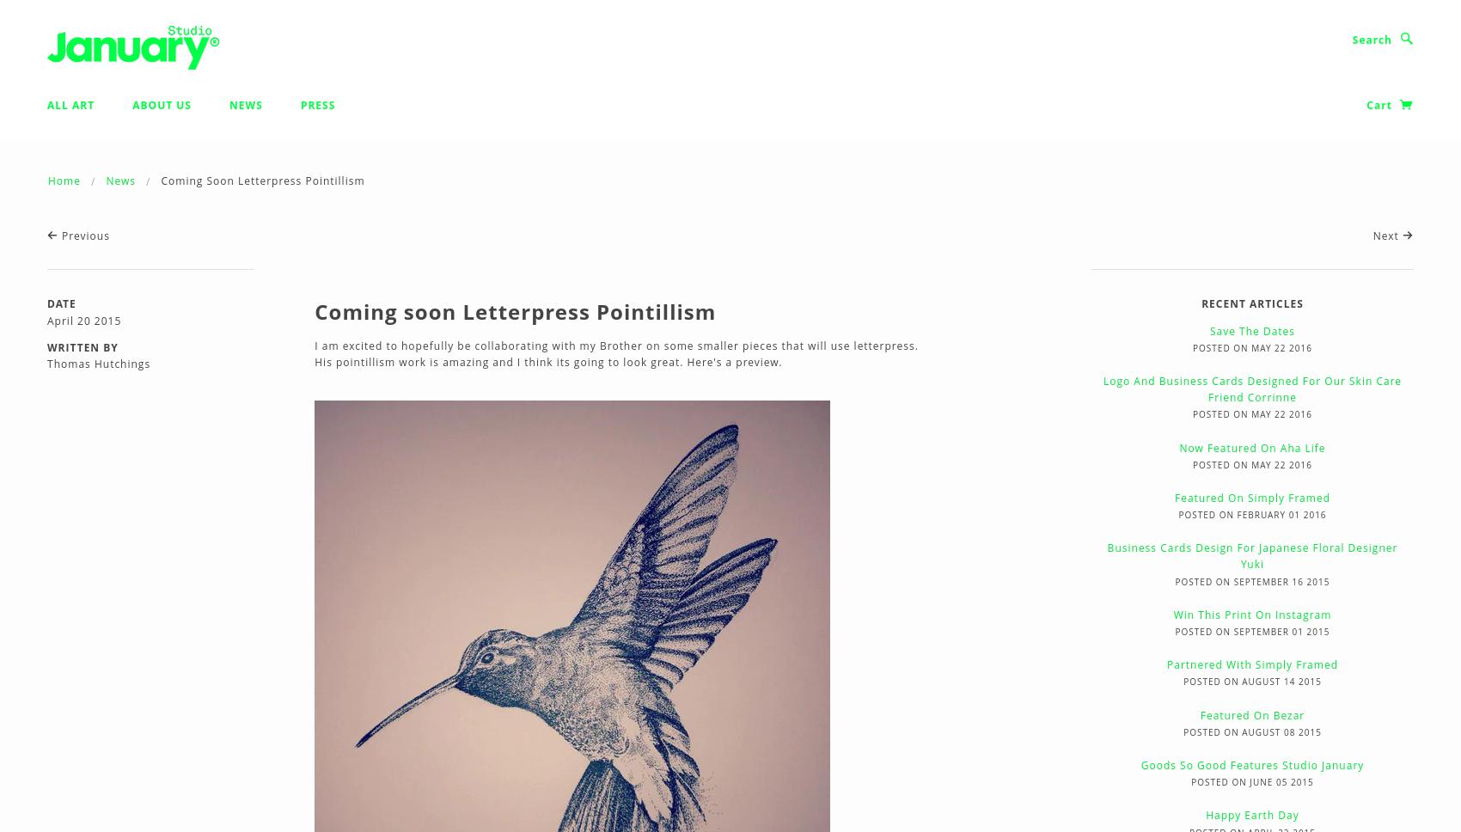 This screenshot has width=1461, height=832. I want to click on 'Now Featured on Aha Life', so click(1251, 447).